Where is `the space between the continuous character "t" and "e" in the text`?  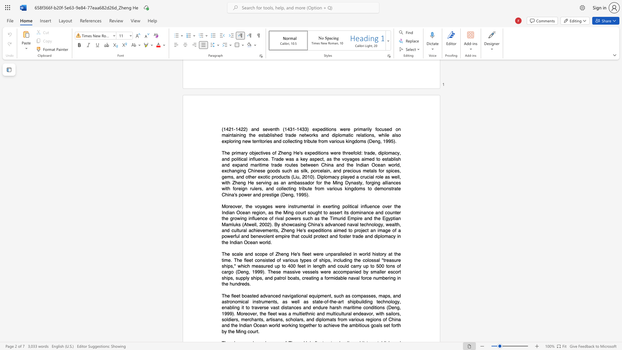
the space between the continuous character "t" and "e" in the text is located at coordinates (320, 301).